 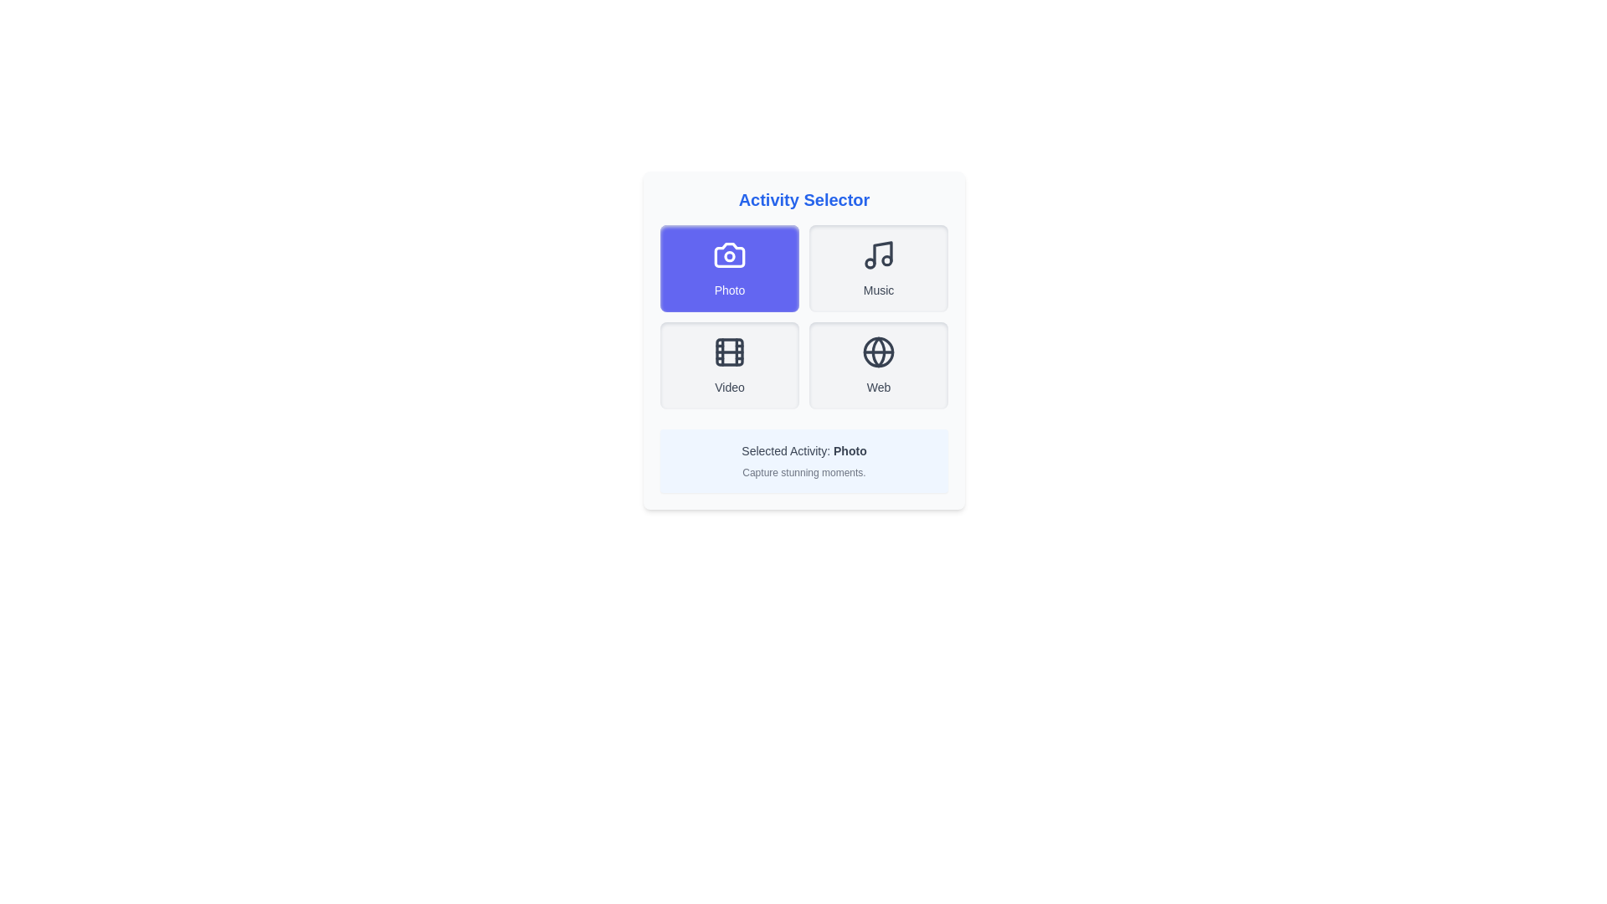 What do you see at coordinates (803, 472) in the screenshot?
I see `the text element displaying 'Capture stunning moments.' which is styled with small gray text and is centrally aligned below the selected activity section` at bounding box center [803, 472].